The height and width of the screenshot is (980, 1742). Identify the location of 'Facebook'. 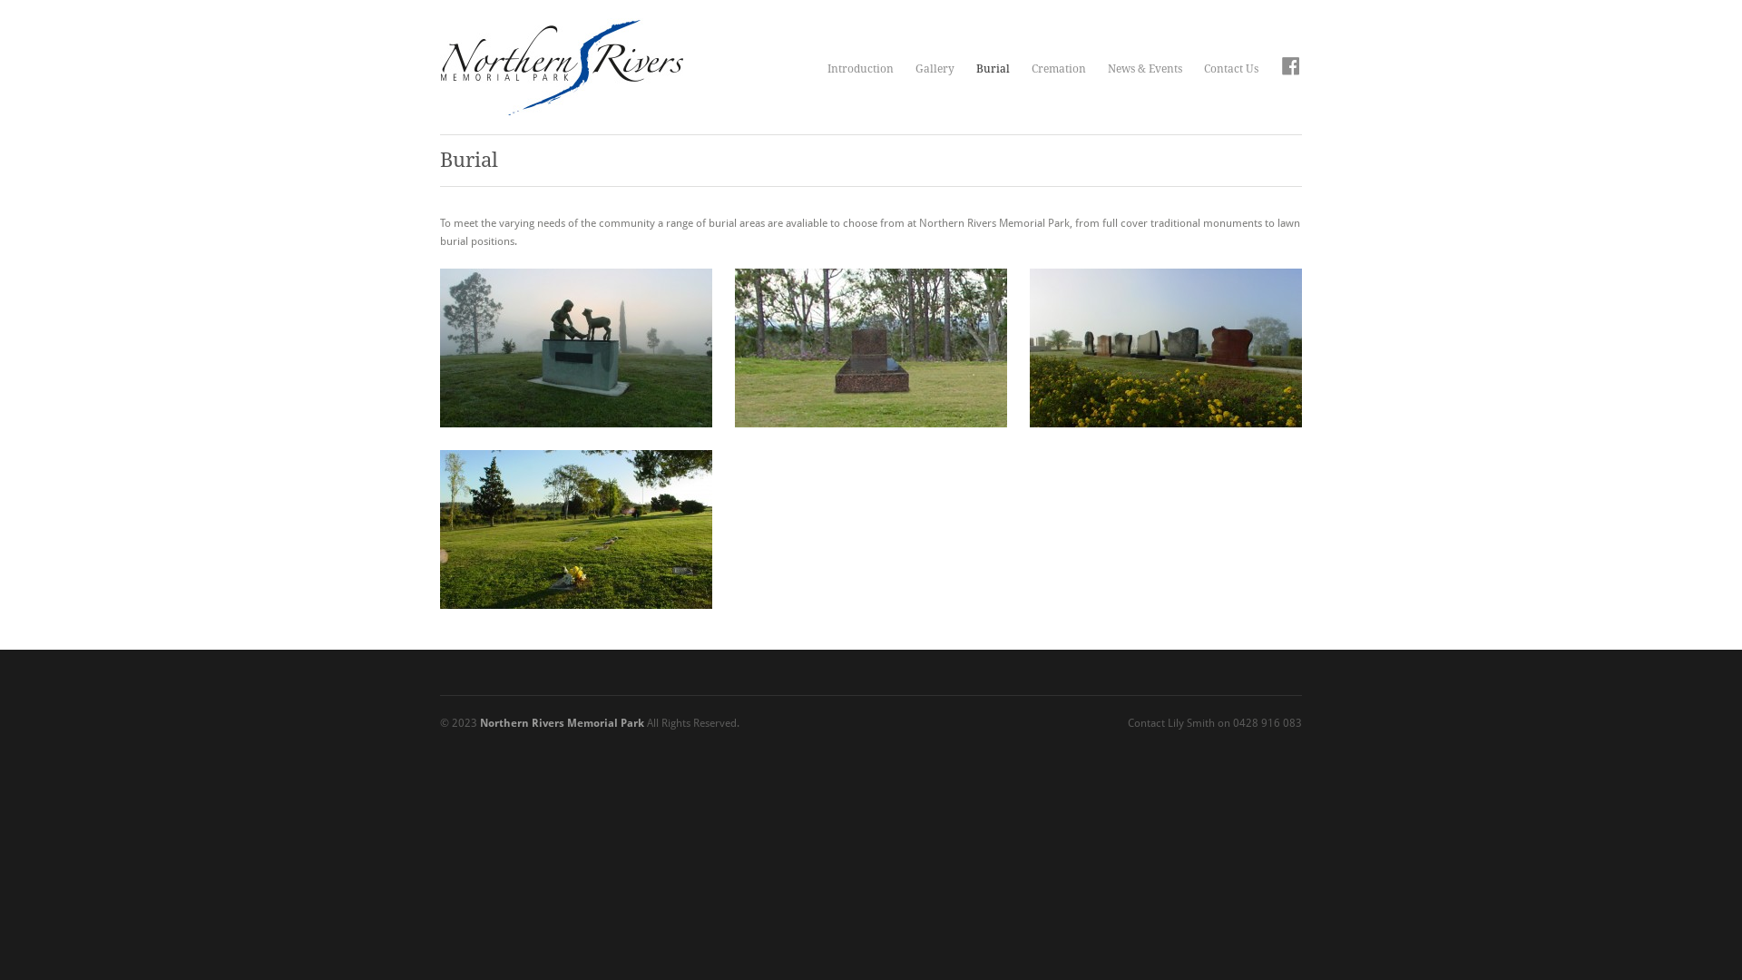
(1289, 68).